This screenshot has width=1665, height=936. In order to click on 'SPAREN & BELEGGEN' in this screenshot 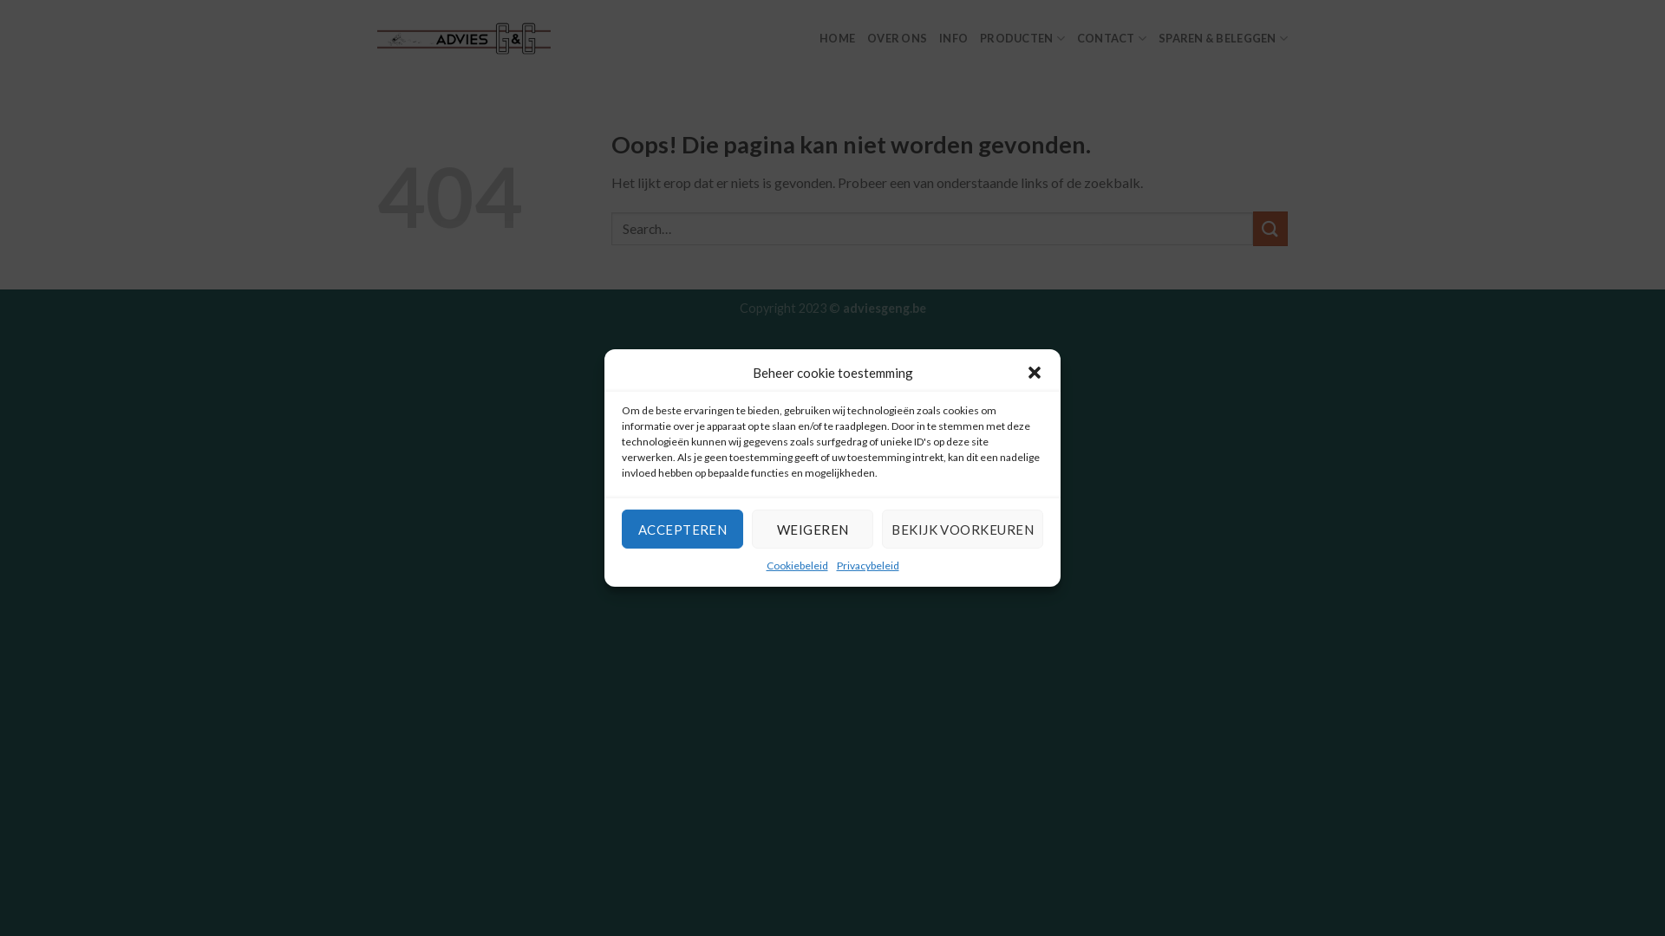, I will do `click(1222, 38)`.